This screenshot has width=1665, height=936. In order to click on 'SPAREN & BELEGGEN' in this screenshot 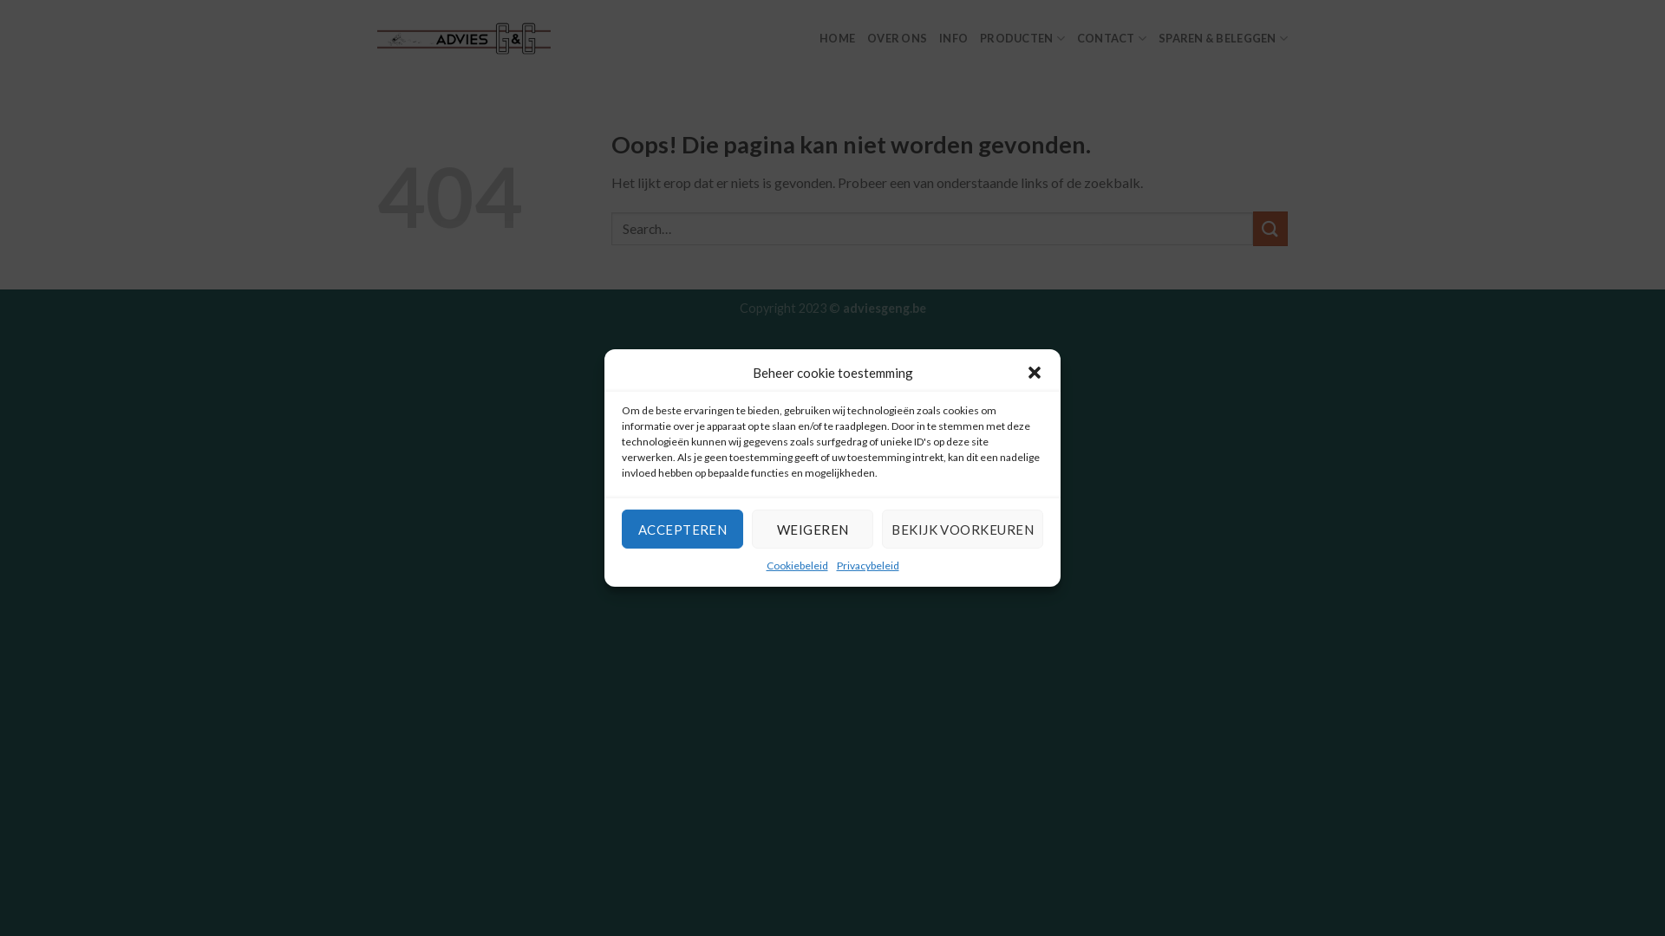, I will do `click(1222, 38)`.